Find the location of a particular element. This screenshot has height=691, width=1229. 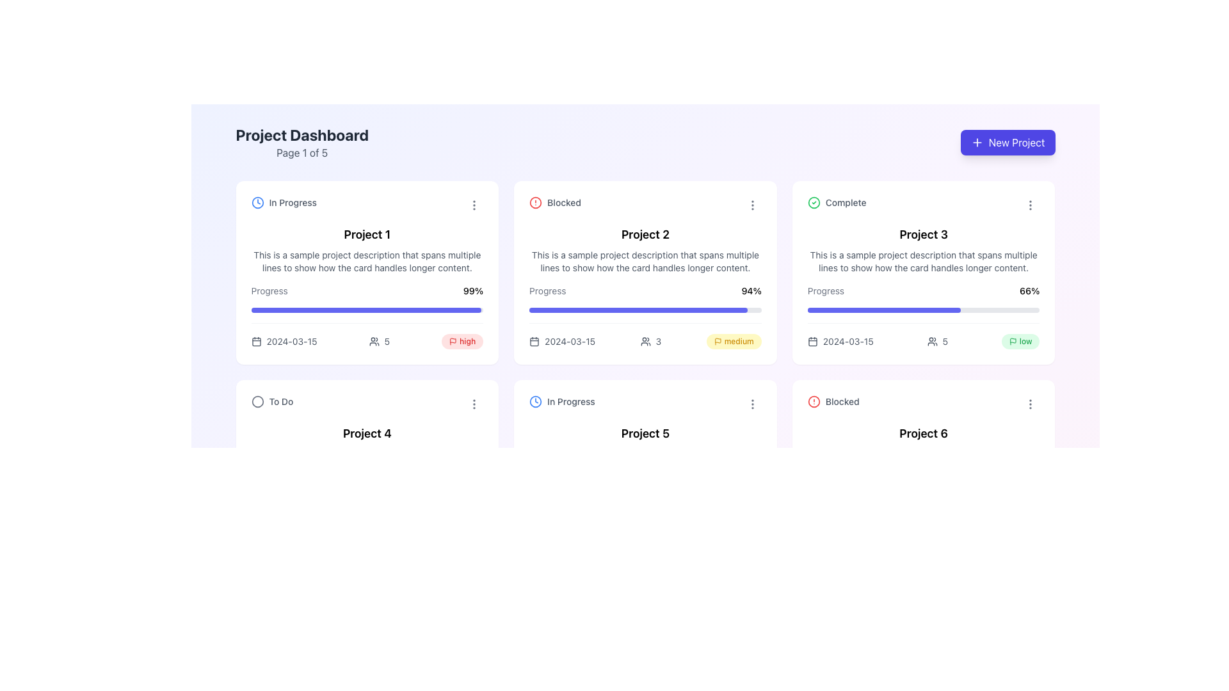

the Circular Visual Indicator located at the top-left corner of the 'Project 2' card next to the word 'Blocked' is located at coordinates (536, 202).